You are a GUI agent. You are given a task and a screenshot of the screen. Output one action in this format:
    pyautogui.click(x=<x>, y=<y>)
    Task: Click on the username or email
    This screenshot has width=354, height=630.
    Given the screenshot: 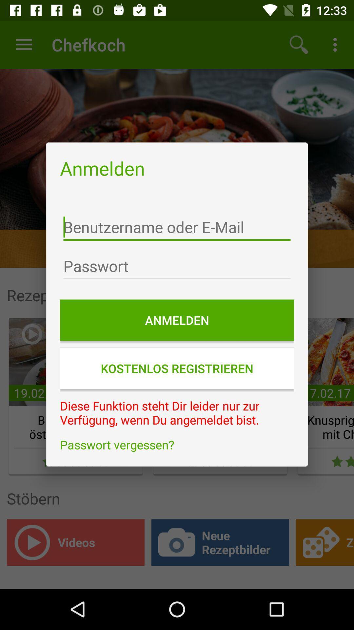 What is the action you would take?
    pyautogui.click(x=177, y=227)
    